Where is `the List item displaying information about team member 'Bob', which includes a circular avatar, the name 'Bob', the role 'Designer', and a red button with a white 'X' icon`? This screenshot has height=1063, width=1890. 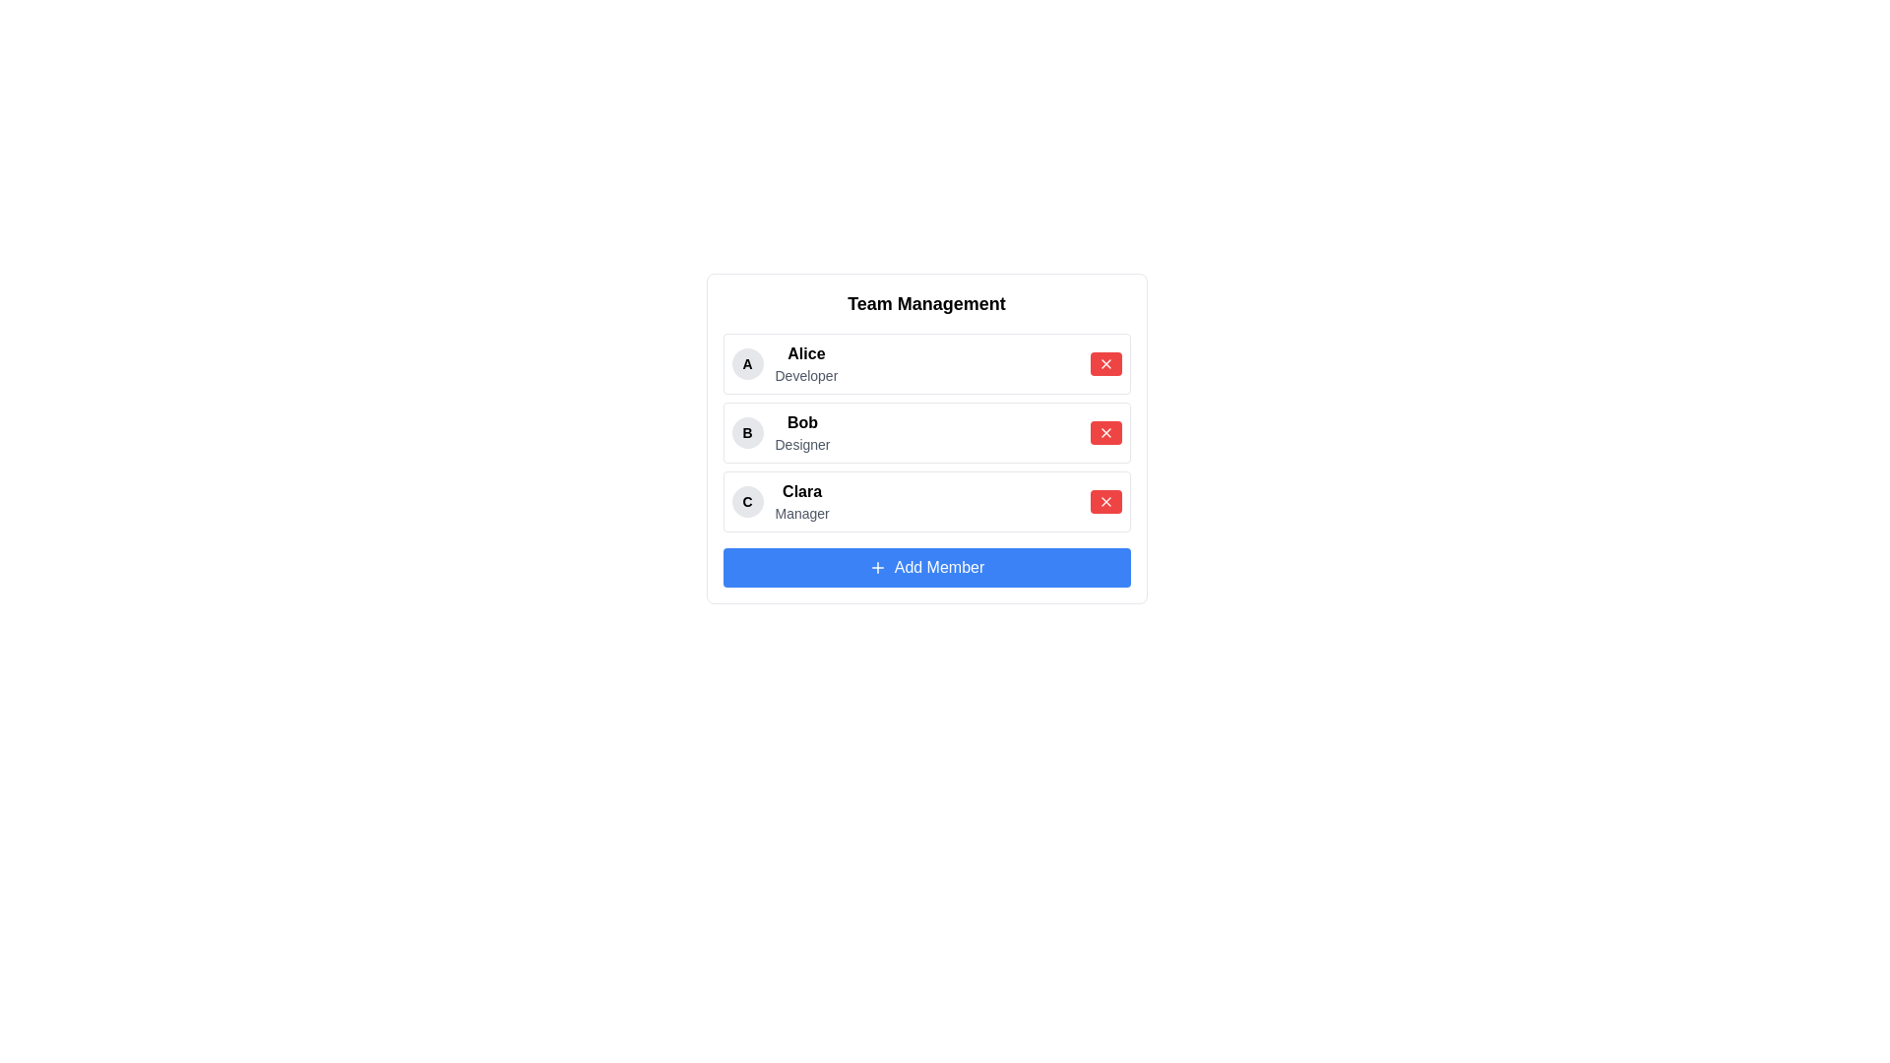 the List item displaying information about team member 'Bob', which includes a circular avatar, the name 'Bob', the role 'Designer', and a red button with a white 'X' icon is located at coordinates (925, 431).